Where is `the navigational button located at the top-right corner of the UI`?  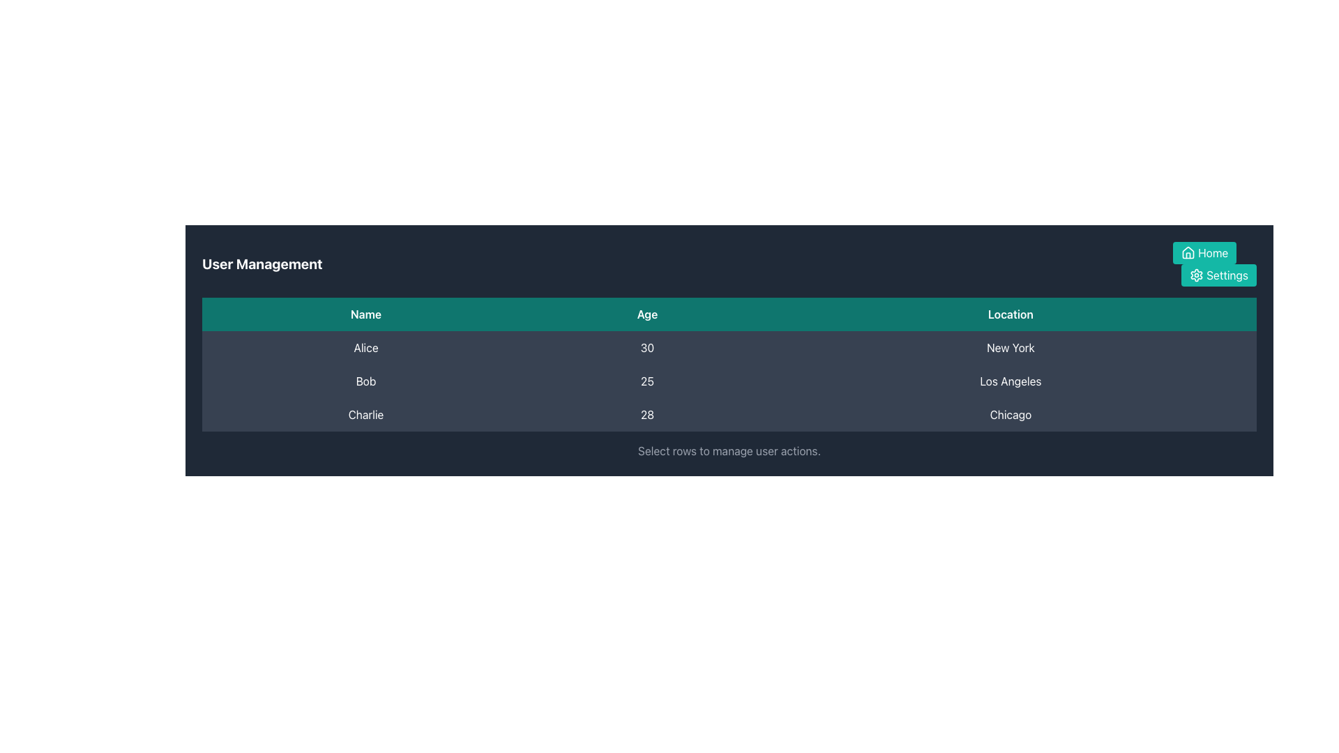 the navigational button located at the top-right corner of the UI is located at coordinates (1204, 252).